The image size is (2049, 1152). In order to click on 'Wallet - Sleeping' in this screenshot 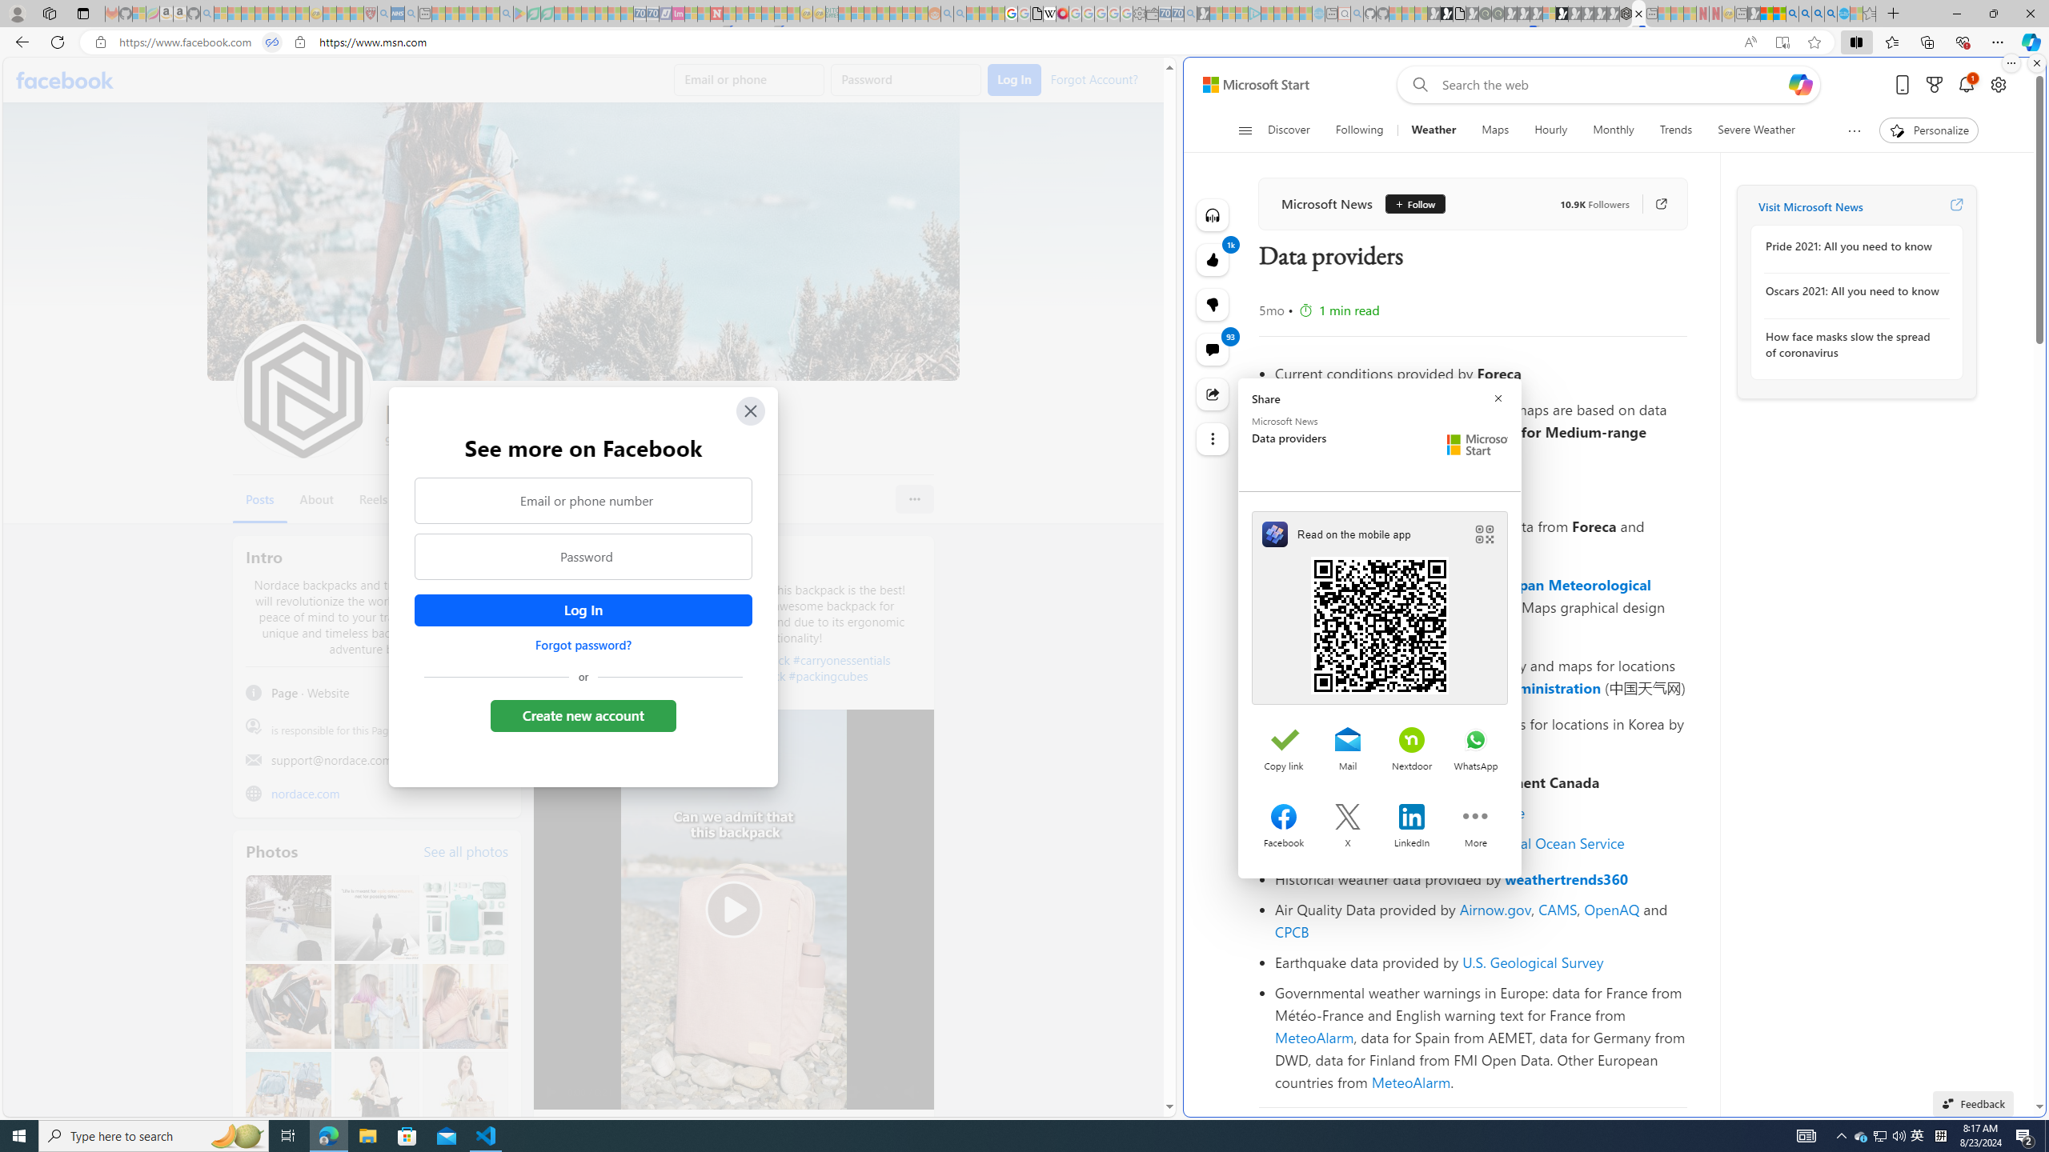, I will do `click(1152, 13)`.